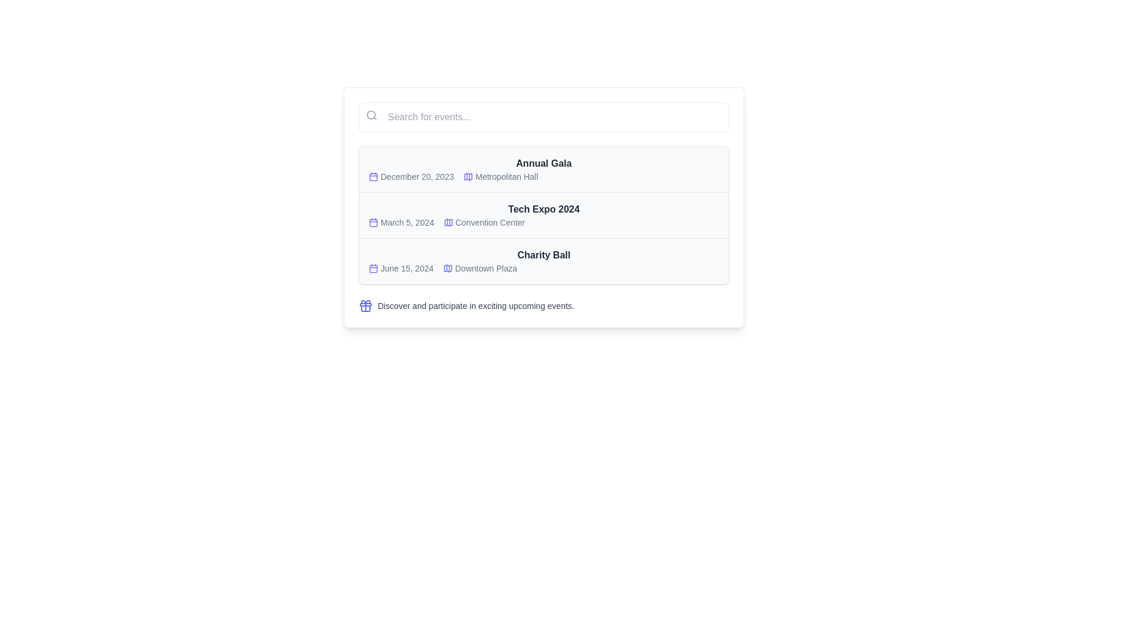 The width and height of the screenshot is (1144, 643). Describe the element at coordinates (490, 223) in the screenshot. I see `text displayed in the label styled with a dark gray font that says 'Convention Center', located on the second row of the events list, to the right of the calendar and map marker icons` at that location.